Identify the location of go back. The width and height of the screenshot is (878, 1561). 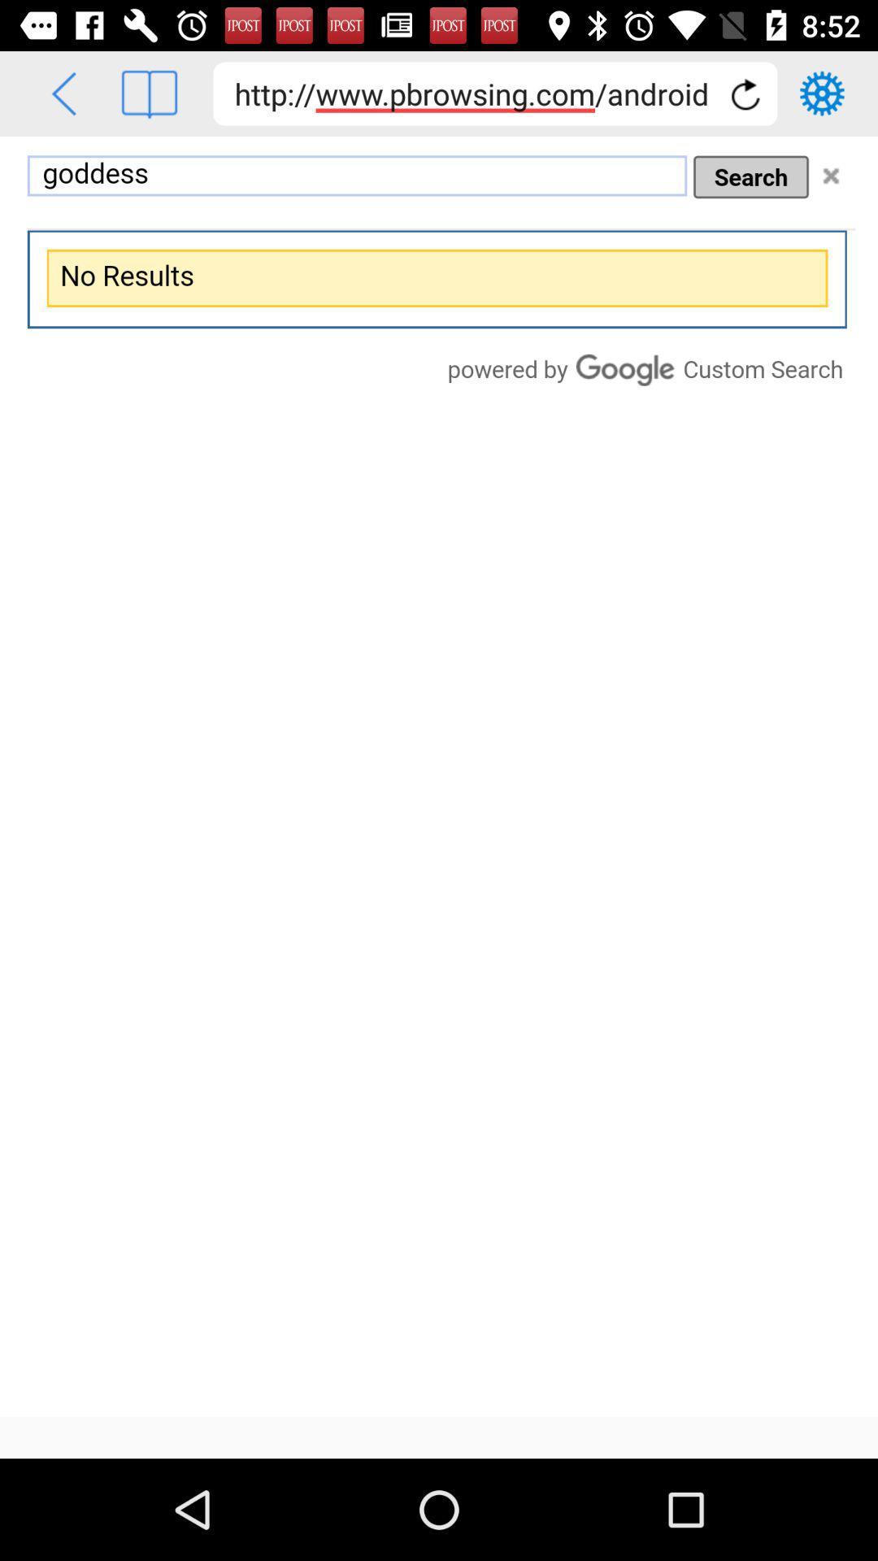
(63, 93).